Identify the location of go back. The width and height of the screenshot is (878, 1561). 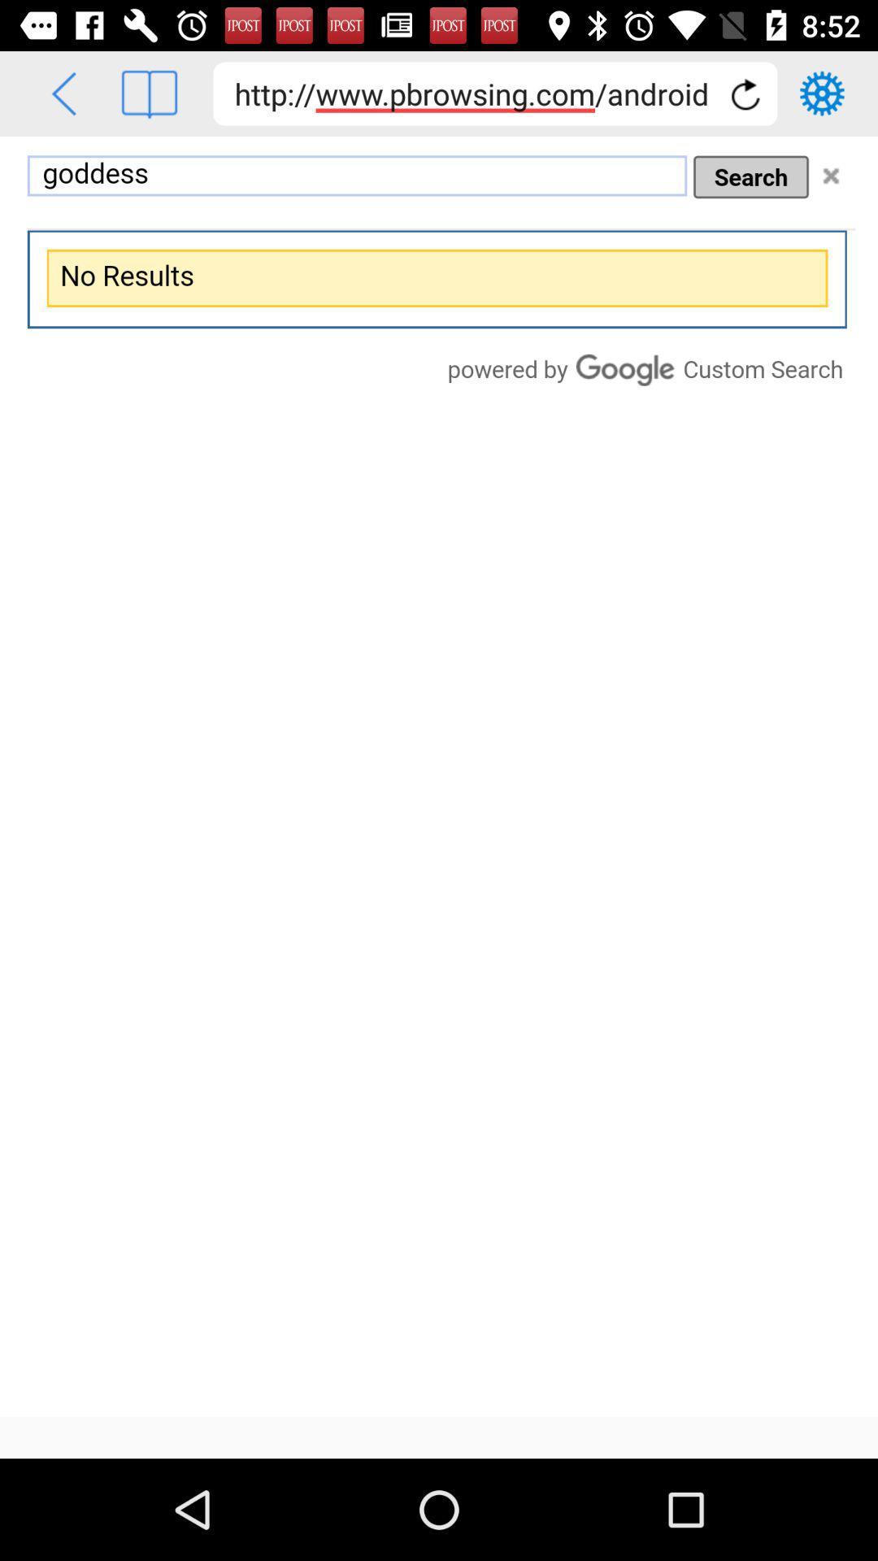
(63, 93).